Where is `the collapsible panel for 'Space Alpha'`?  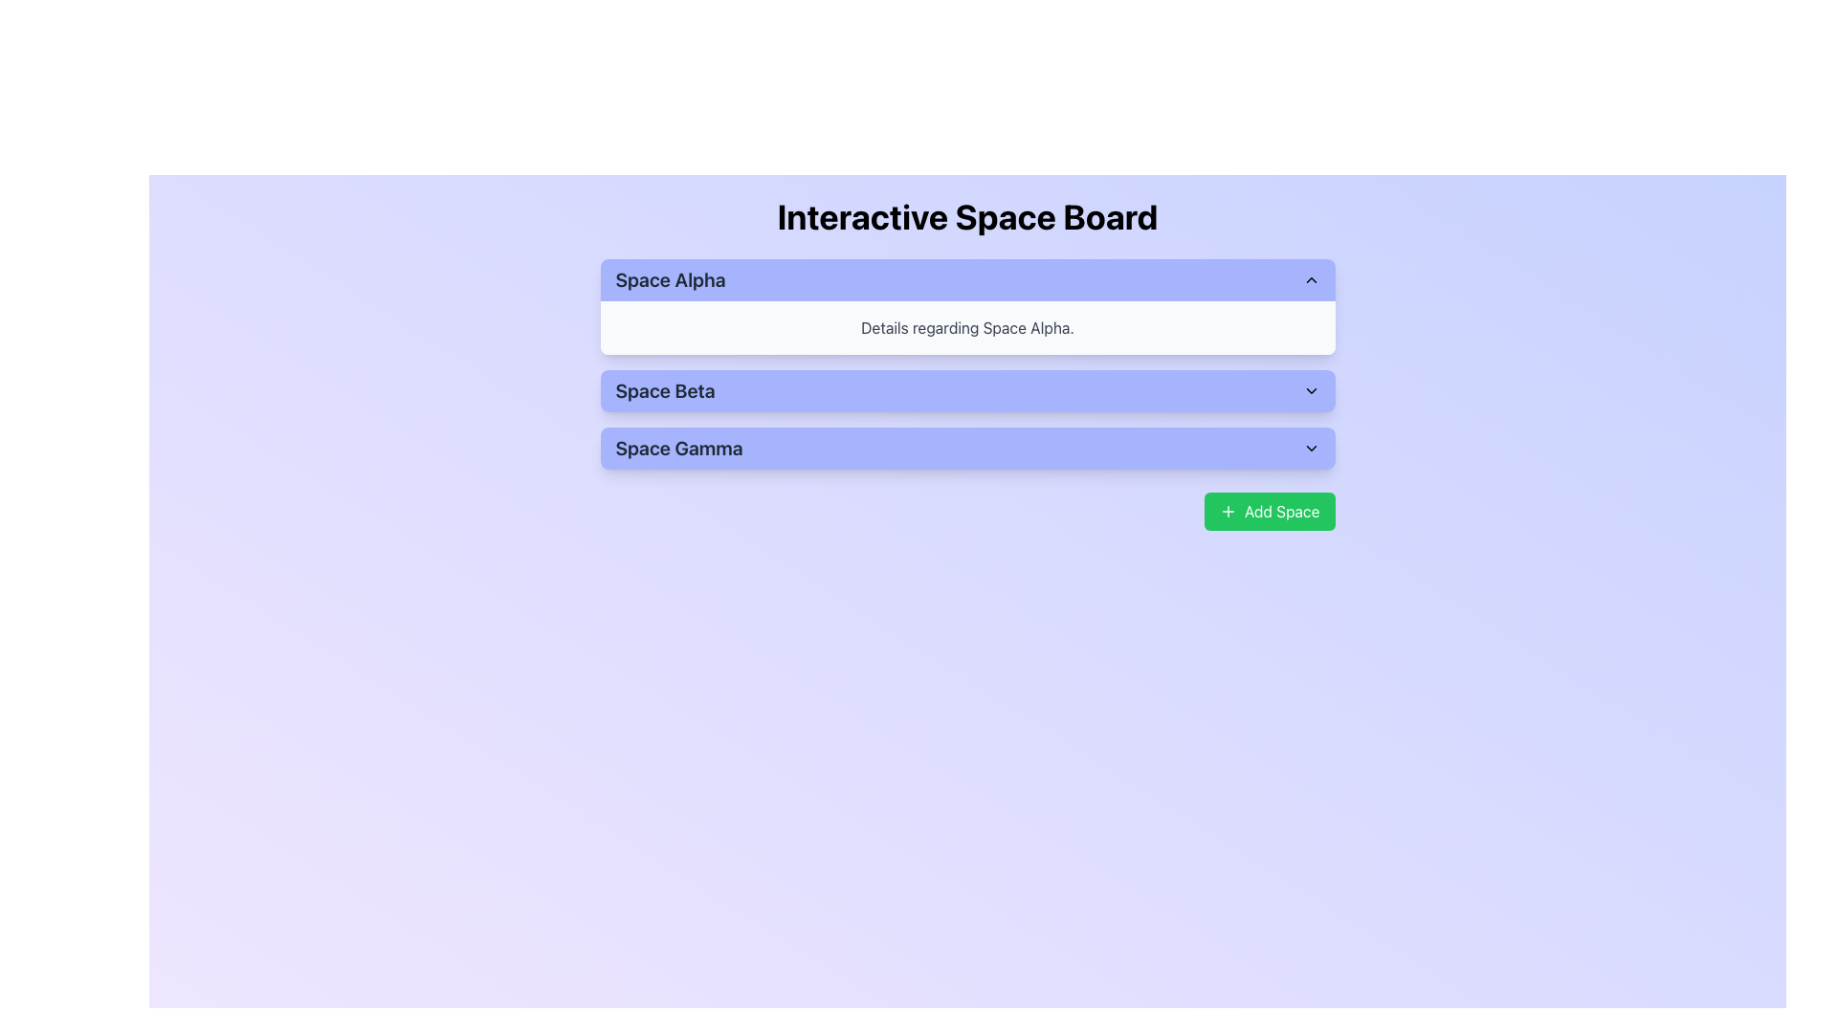
the collapsible panel for 'Space Alpha' is located at coordinates (967, 305).